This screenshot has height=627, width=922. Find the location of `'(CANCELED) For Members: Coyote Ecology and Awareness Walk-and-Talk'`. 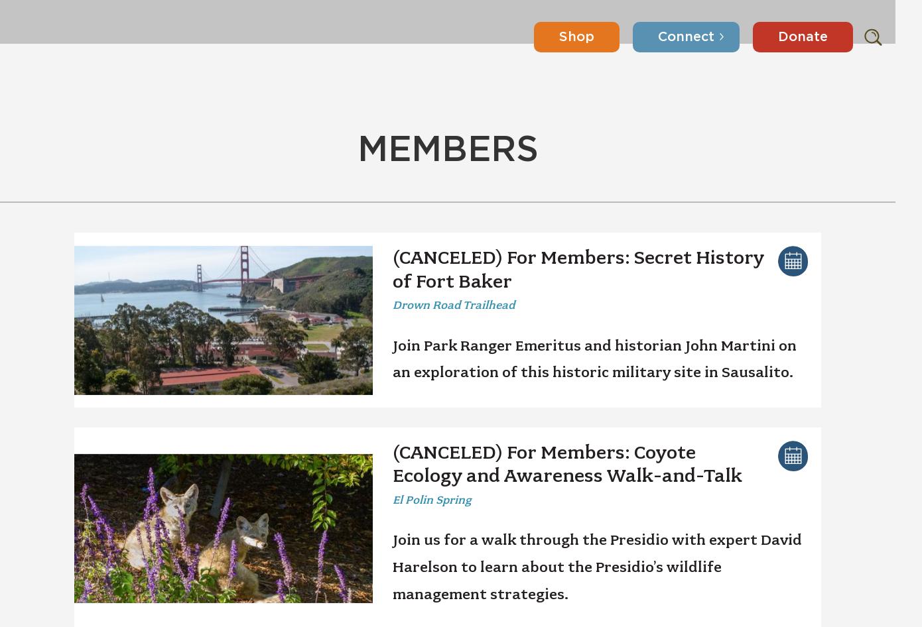

'(CANCELED) For Members: Coyote Ecology and Awareness Walk-and-Talk' is located at coordinates (567, 463).